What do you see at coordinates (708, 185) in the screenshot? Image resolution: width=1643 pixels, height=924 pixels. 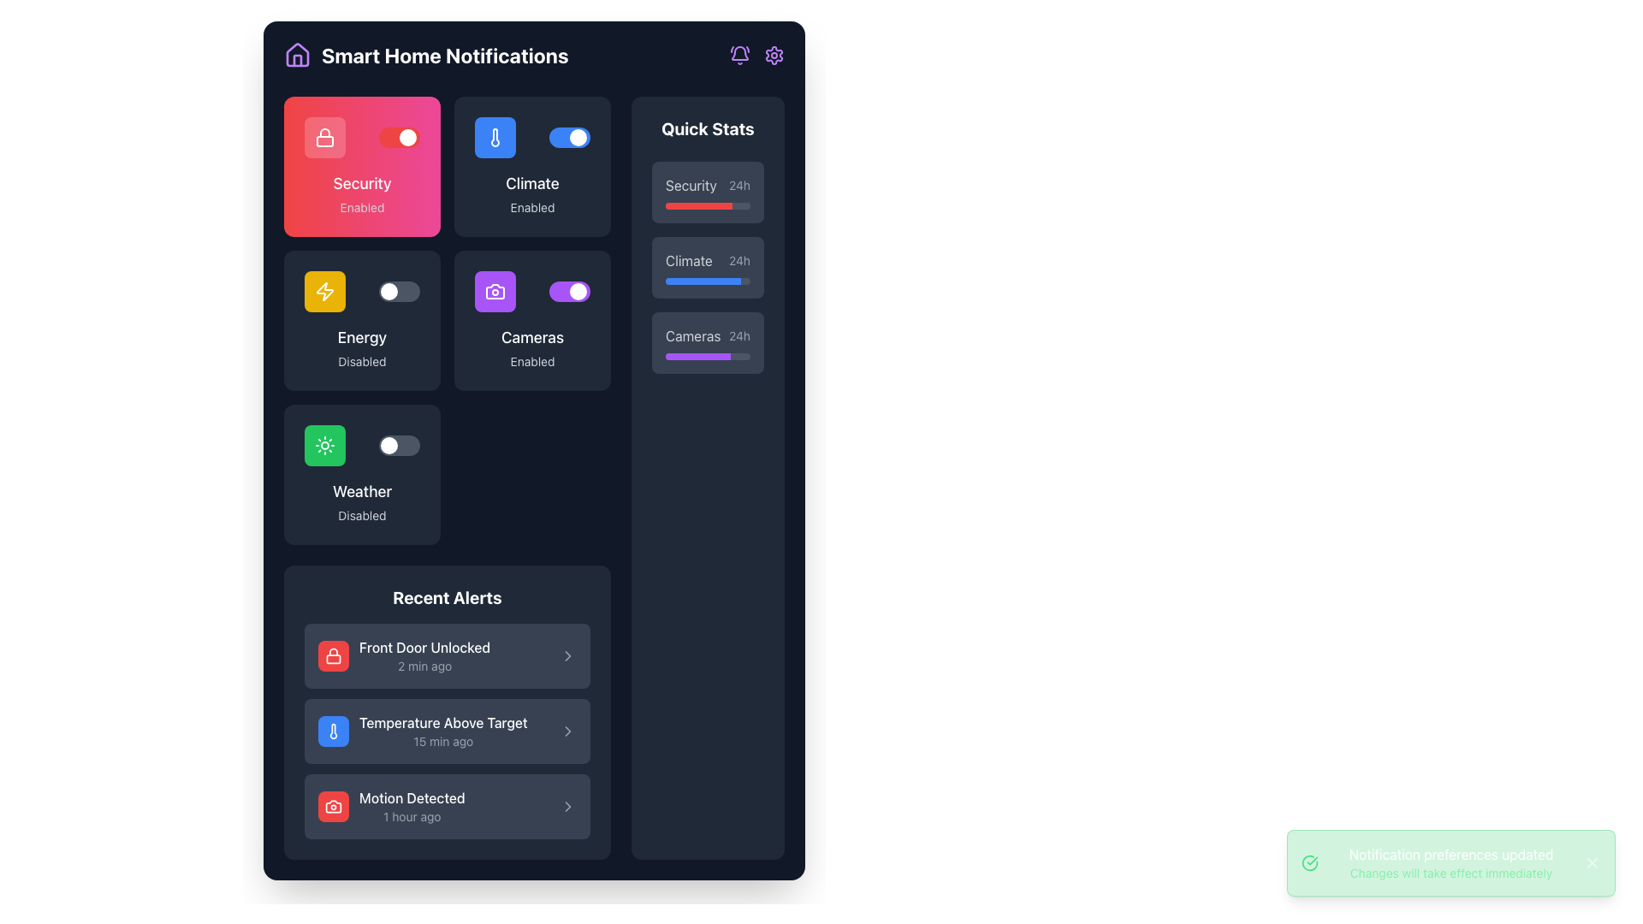 I see `the 'Security' status text label located in the 'Quick Stats' panel, which is the first entry above 'Climate 24h' and 'Cameras 24h'` at bounding box center [708, 185].